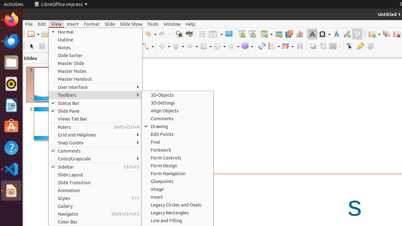 The image size is (402, 226). I want to click on 'Window', so click(172, 24).